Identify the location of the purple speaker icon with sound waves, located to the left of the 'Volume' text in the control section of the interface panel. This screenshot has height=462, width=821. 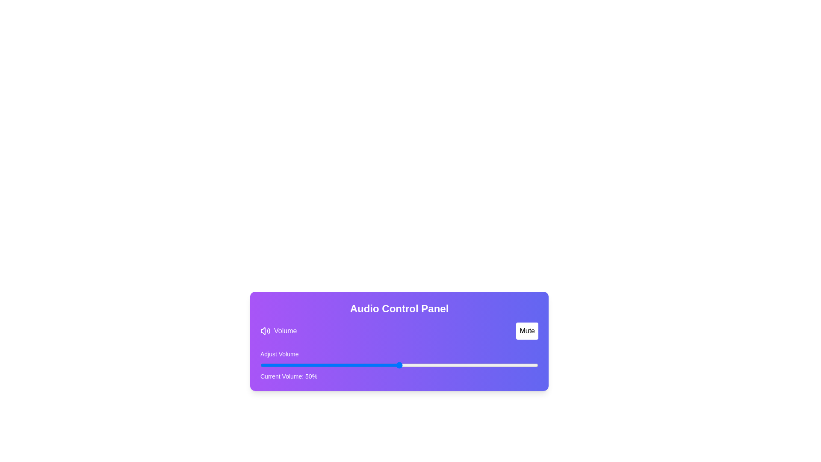
(265, 331).